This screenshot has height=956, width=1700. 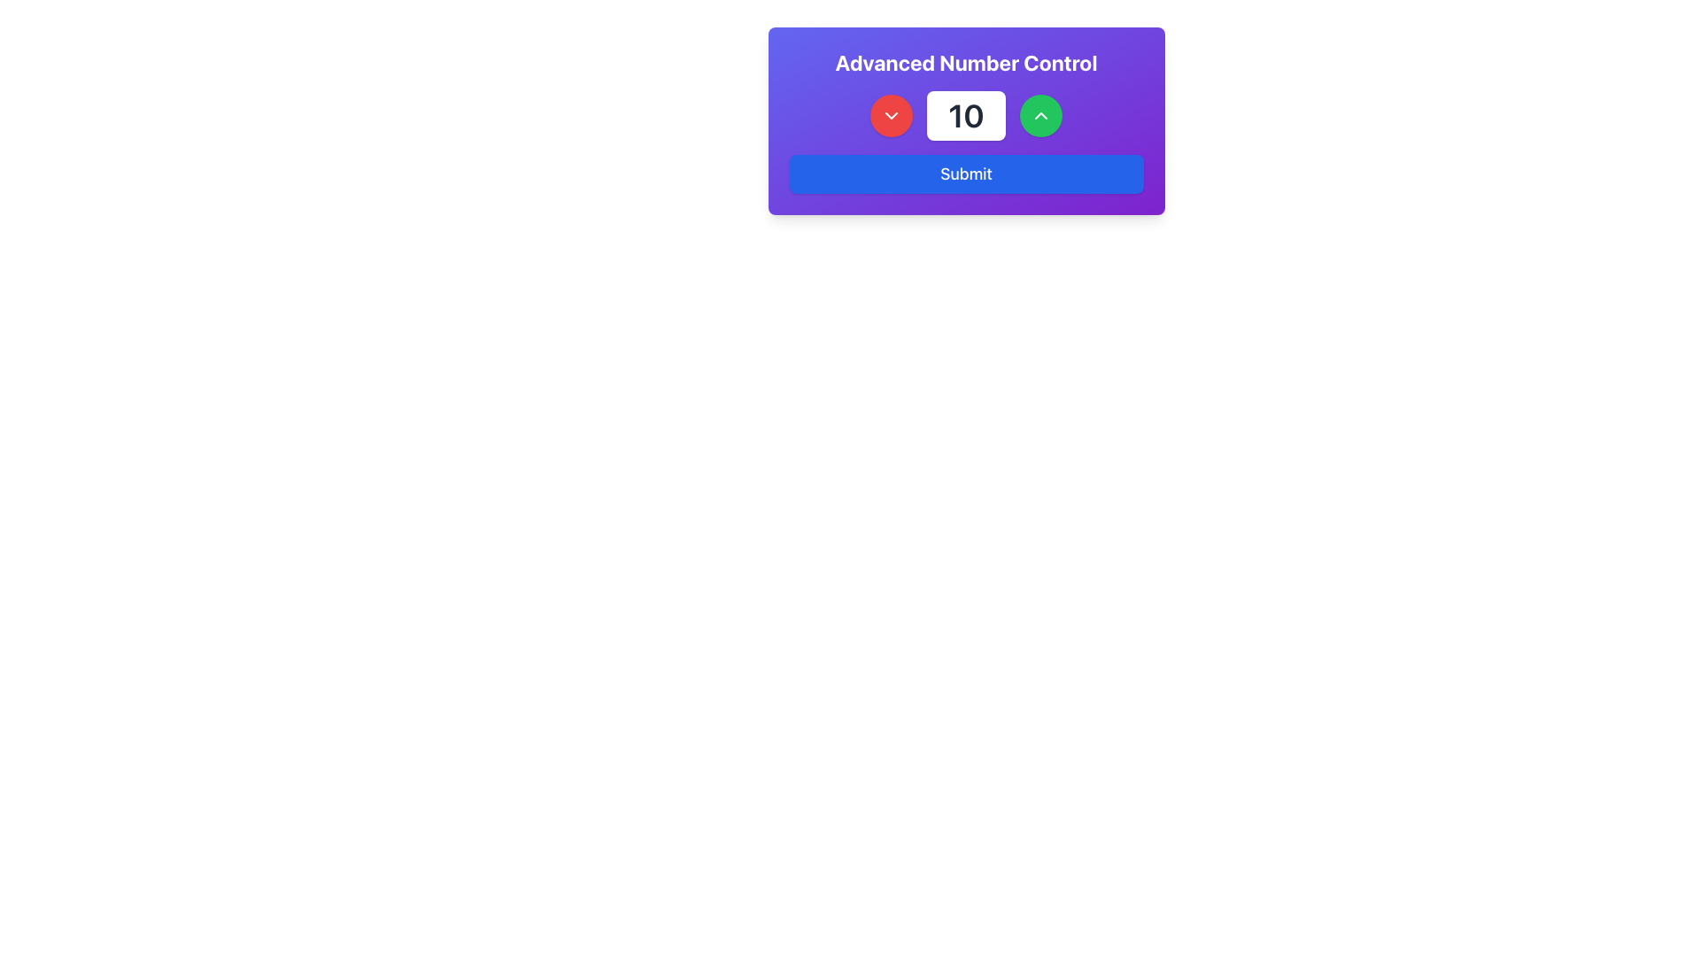 What do you see at coordinates (1040, 116) in the screenshot?
I see `the circular green button with a white upward-pointing chevron icon in the 'Advanced Number Control' component to increment the number` at bounding box center [1040, 116].